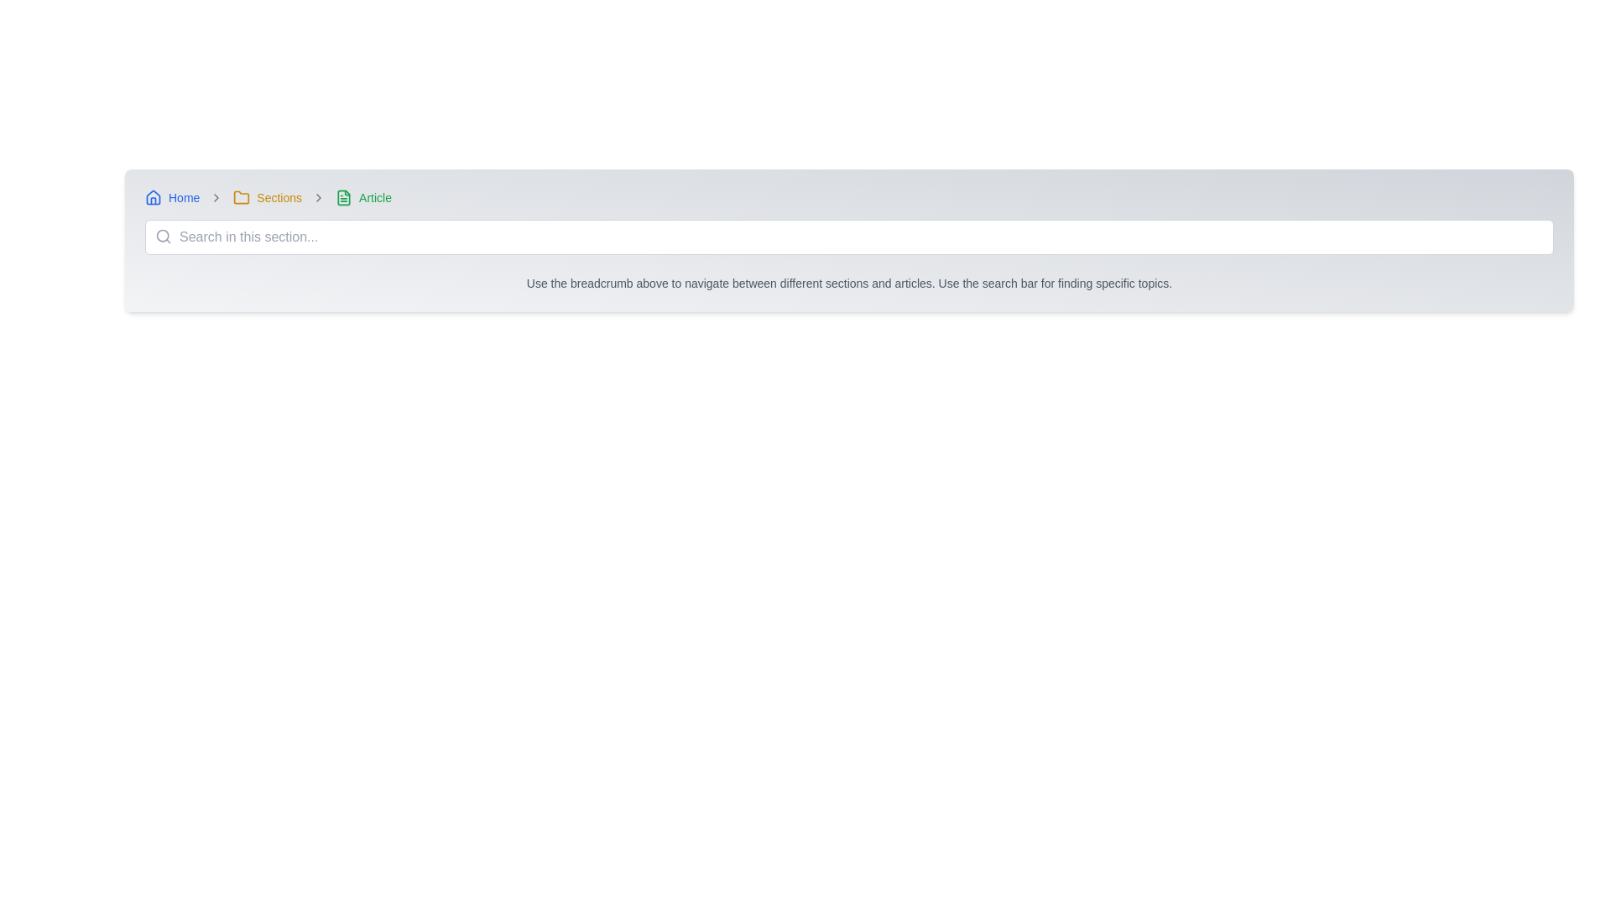  What do you see at coordinates (184, 196) in the screenshot?
I see `the clickable hyperlink located next to the house icon in the breadcrumb navigation bar` at bounding box center [184, 196].